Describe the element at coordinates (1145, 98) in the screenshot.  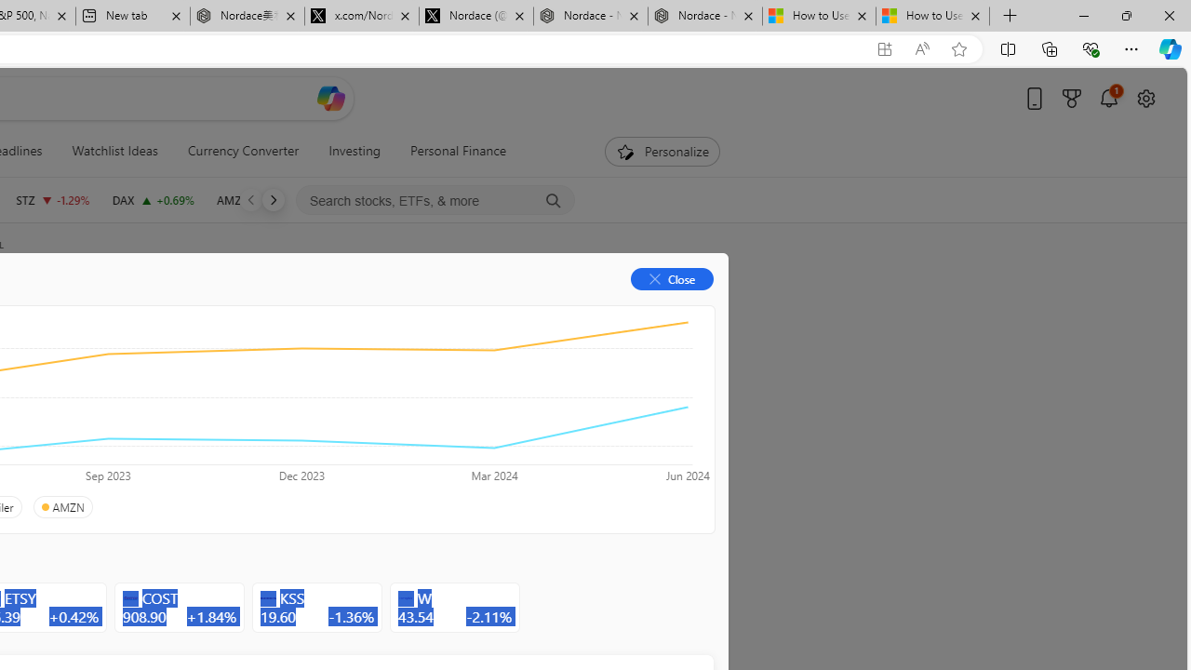
I see `'Open settings'` at that location.